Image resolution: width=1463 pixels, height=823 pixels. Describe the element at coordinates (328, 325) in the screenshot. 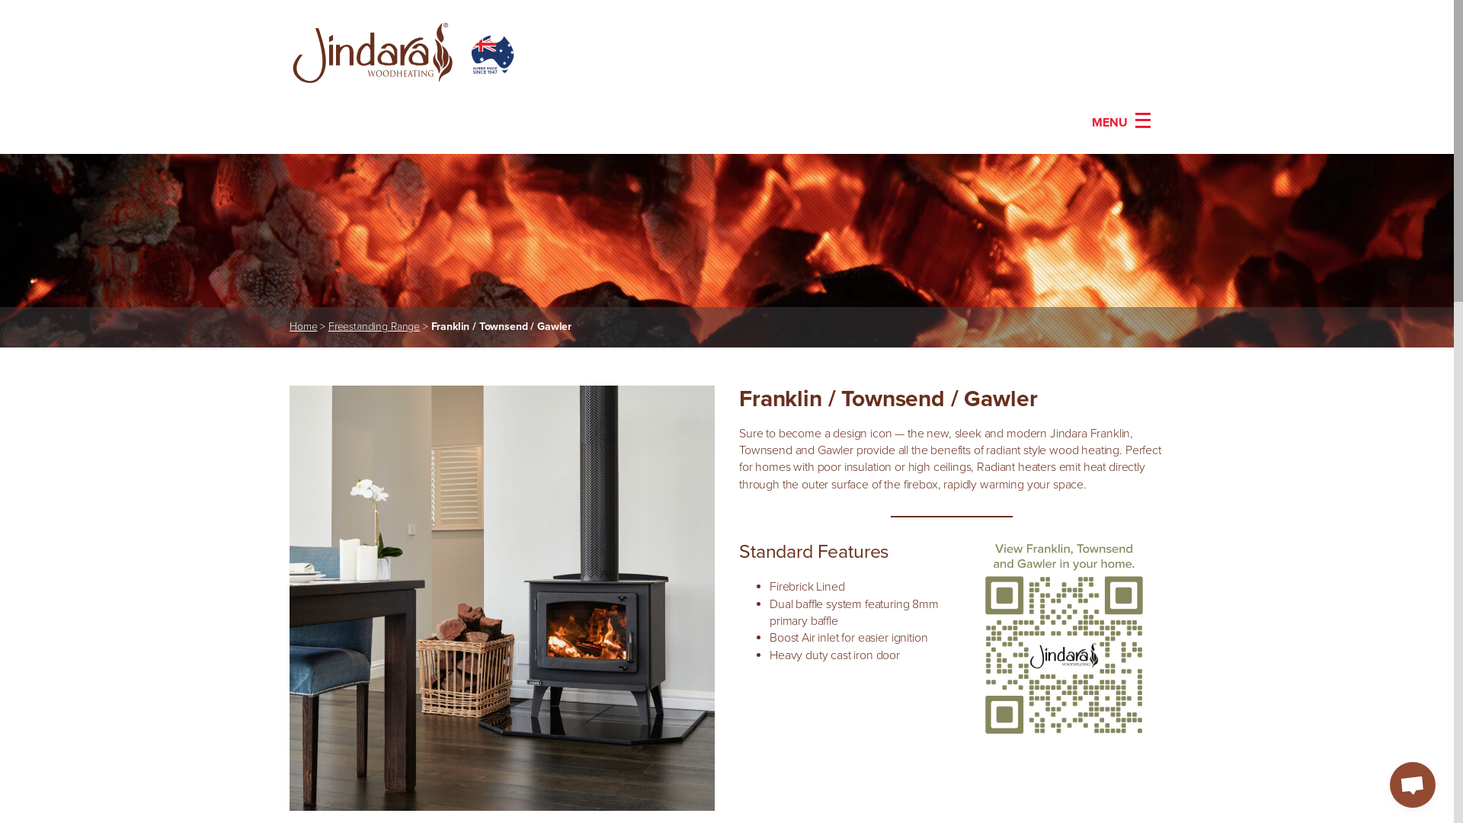

I see `'Freestanding Range'` at that location.